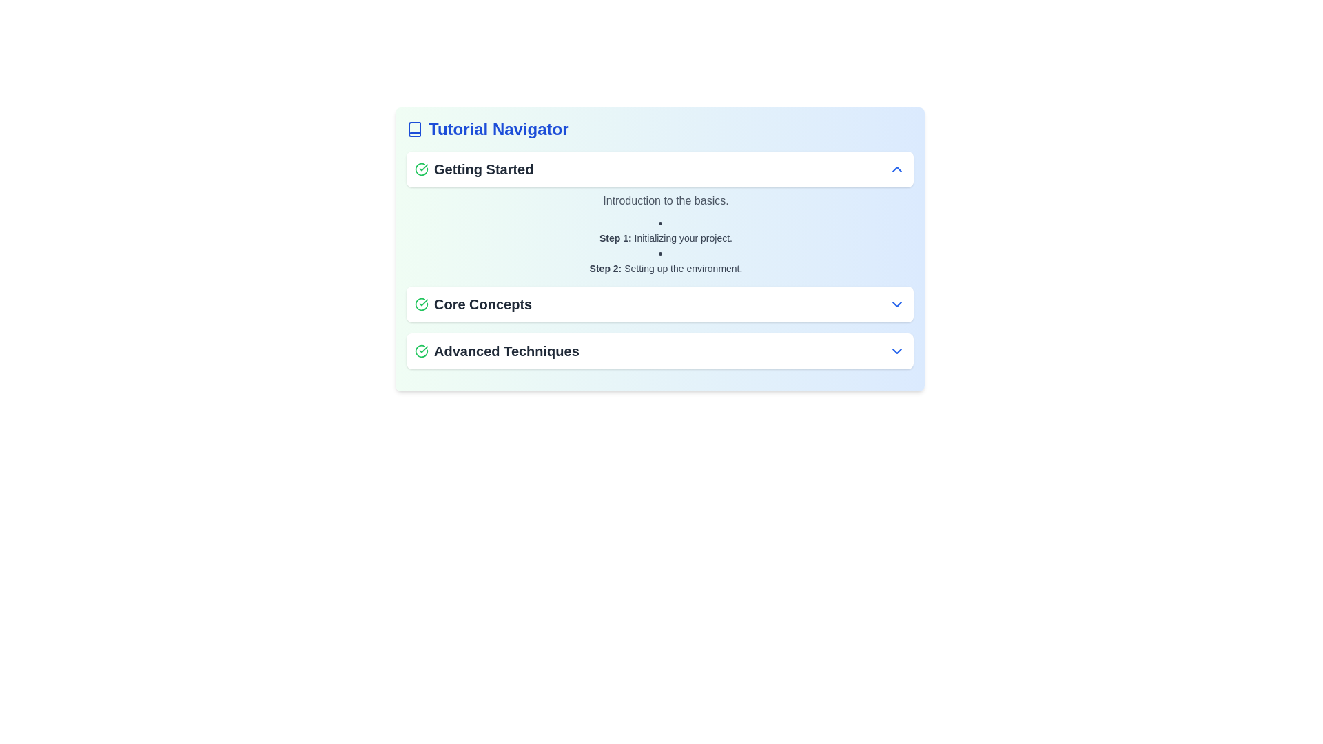 The width and height of the screenshot is (1323, 744). What do you see at coordinates (615, 238) in the screenshot?
I see `text label 'Step 1:' which is styled prominently in a strong font, located below the 'Getting Started' section header` at bounding box center [615, 238].